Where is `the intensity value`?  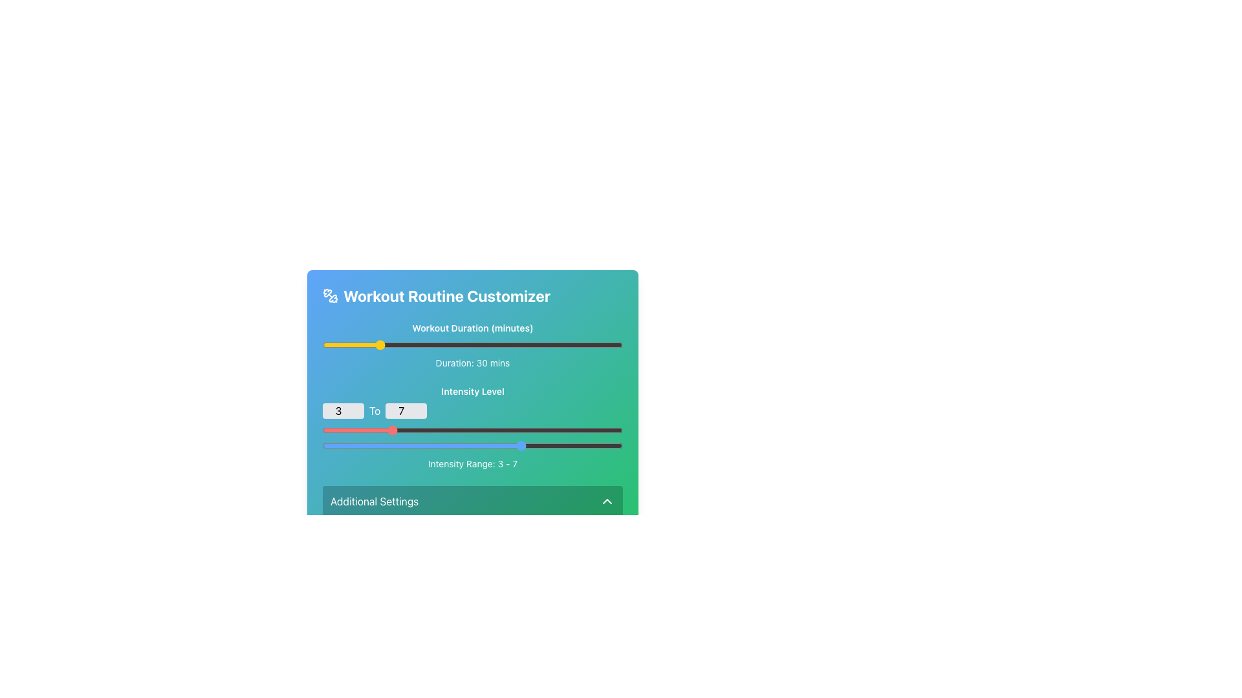
the intensity value is located at coordinates (422, 445).